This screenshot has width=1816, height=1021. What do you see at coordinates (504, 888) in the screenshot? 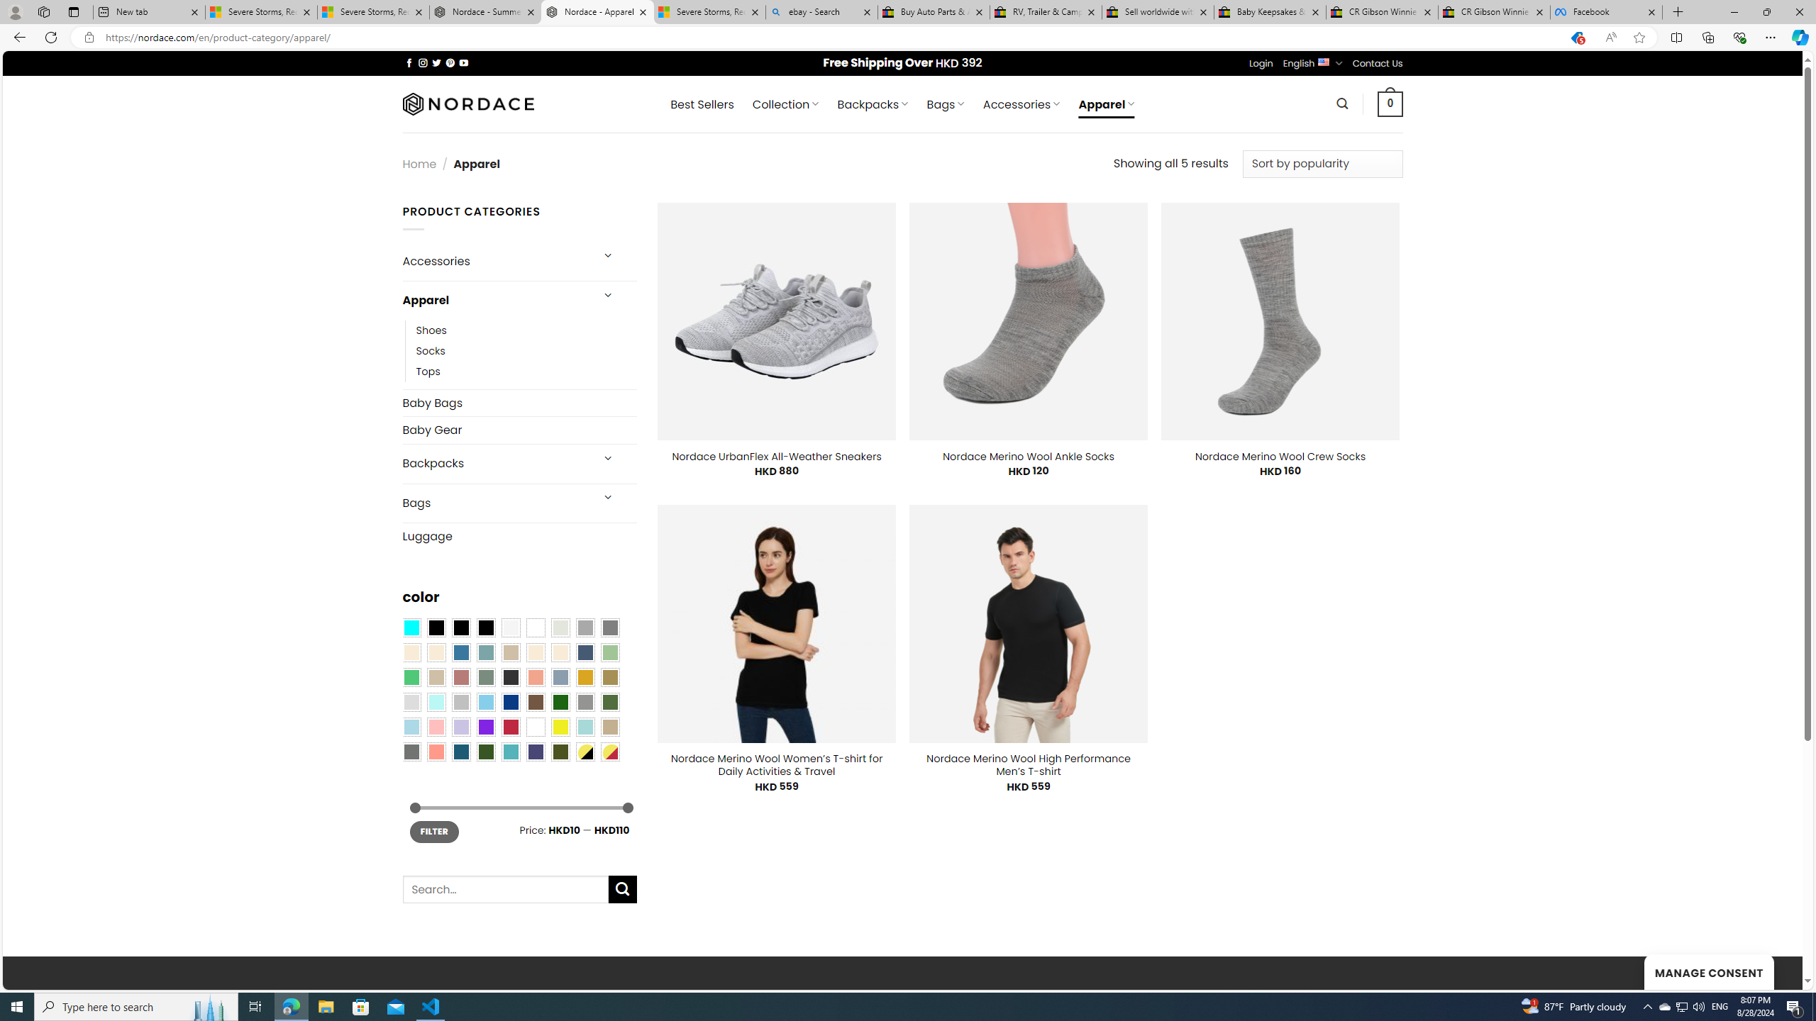
I see `'Search for:'` at bounding box center [504, 888].